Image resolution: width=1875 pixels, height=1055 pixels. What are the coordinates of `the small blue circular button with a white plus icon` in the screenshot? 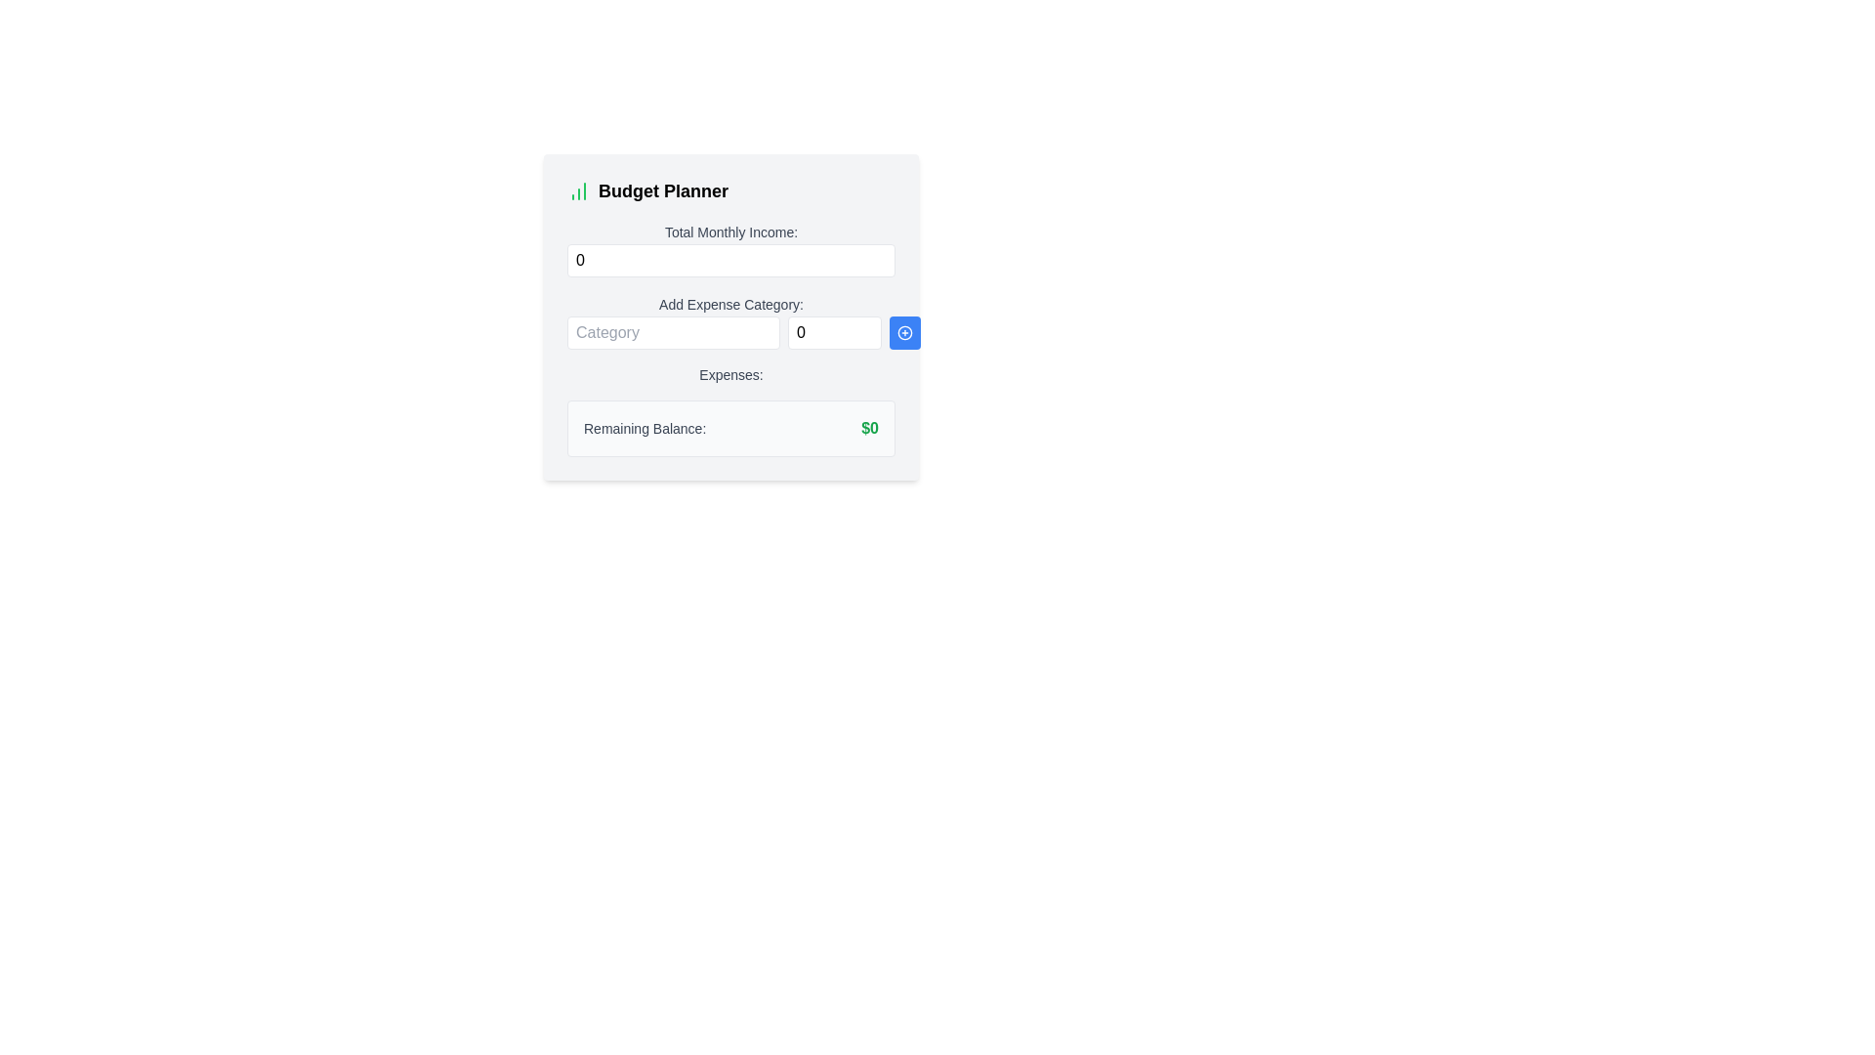 It's located at (903, 331).